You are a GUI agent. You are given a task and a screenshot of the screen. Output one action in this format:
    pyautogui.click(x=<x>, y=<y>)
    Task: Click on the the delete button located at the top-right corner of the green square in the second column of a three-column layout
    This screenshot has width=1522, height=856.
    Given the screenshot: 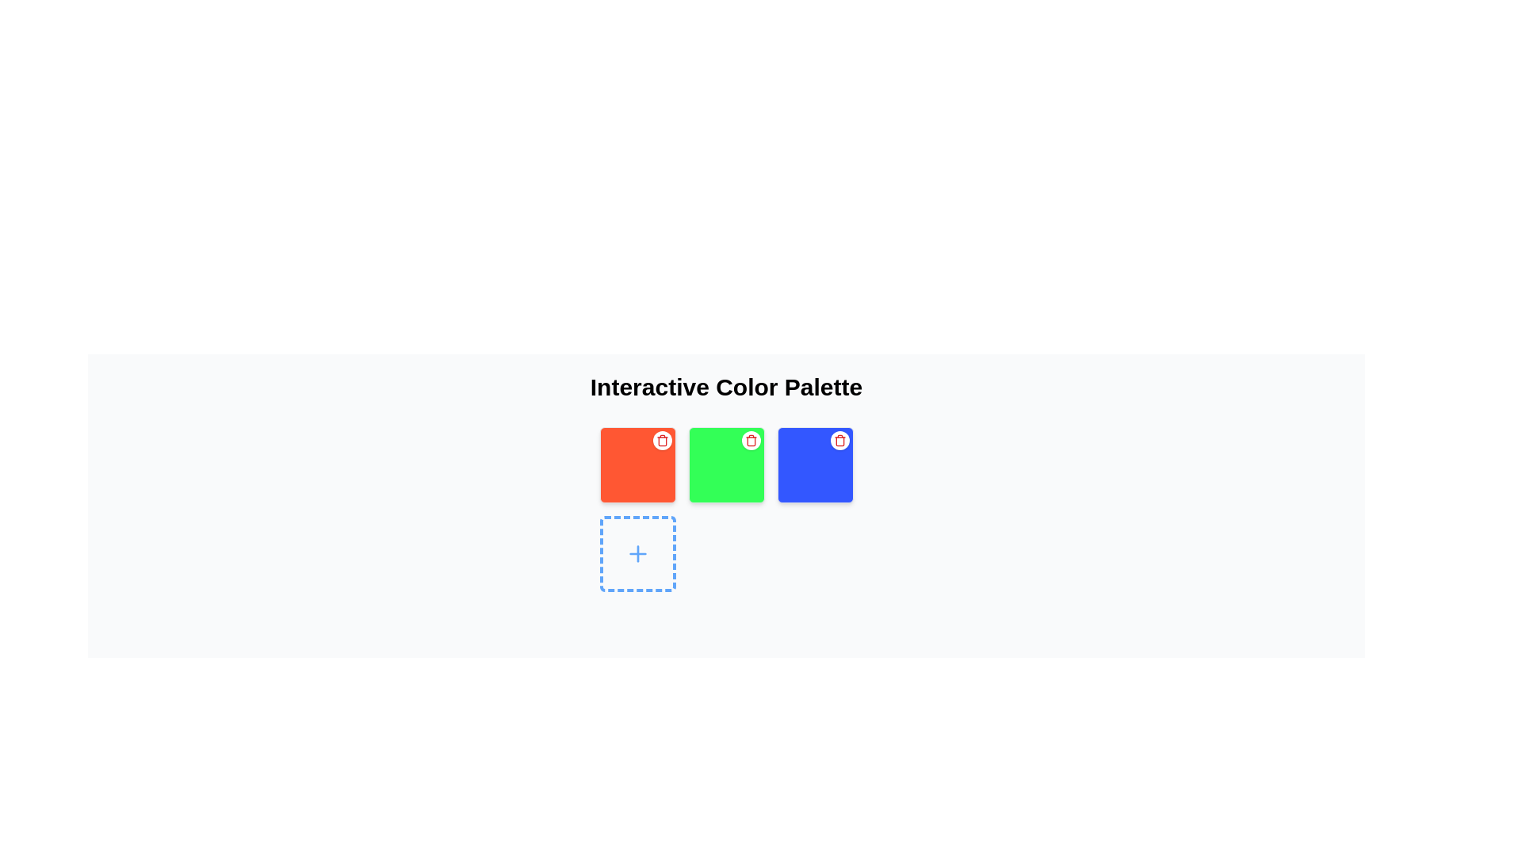 What is the action you would take?
    pyautogui.click(x=750, y=440)
    